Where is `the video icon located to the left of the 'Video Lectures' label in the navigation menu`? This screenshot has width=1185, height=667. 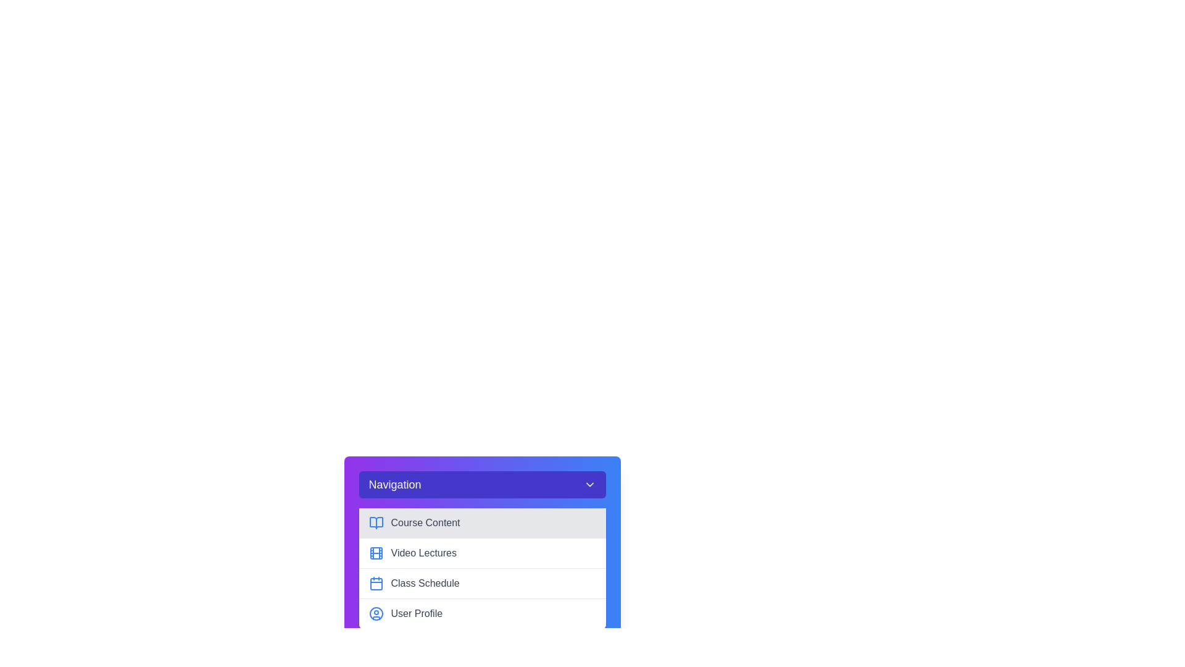
the video icon located to the left of the 'Video Lectures' label in the navigation menu is located at coordinates (375, 552).